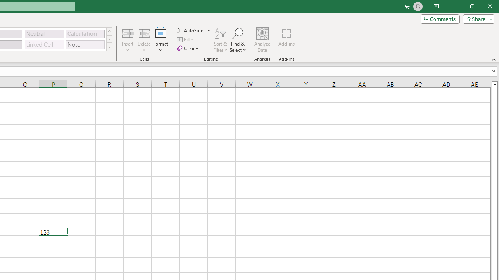 The height and width of the screenshot is (280, 499). What do you see at coordinates (85, 44) in the screenshot?
I see `'Note'` at bounding box center [85, 44].